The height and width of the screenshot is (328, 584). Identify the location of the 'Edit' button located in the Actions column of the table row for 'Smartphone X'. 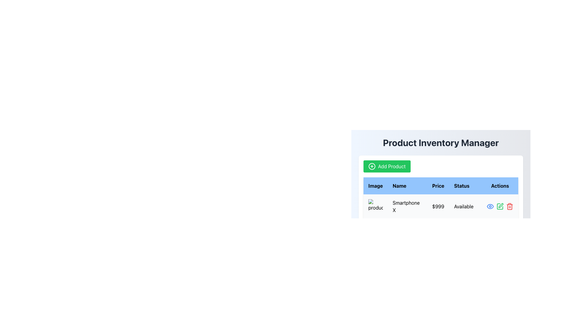
(500, 206).